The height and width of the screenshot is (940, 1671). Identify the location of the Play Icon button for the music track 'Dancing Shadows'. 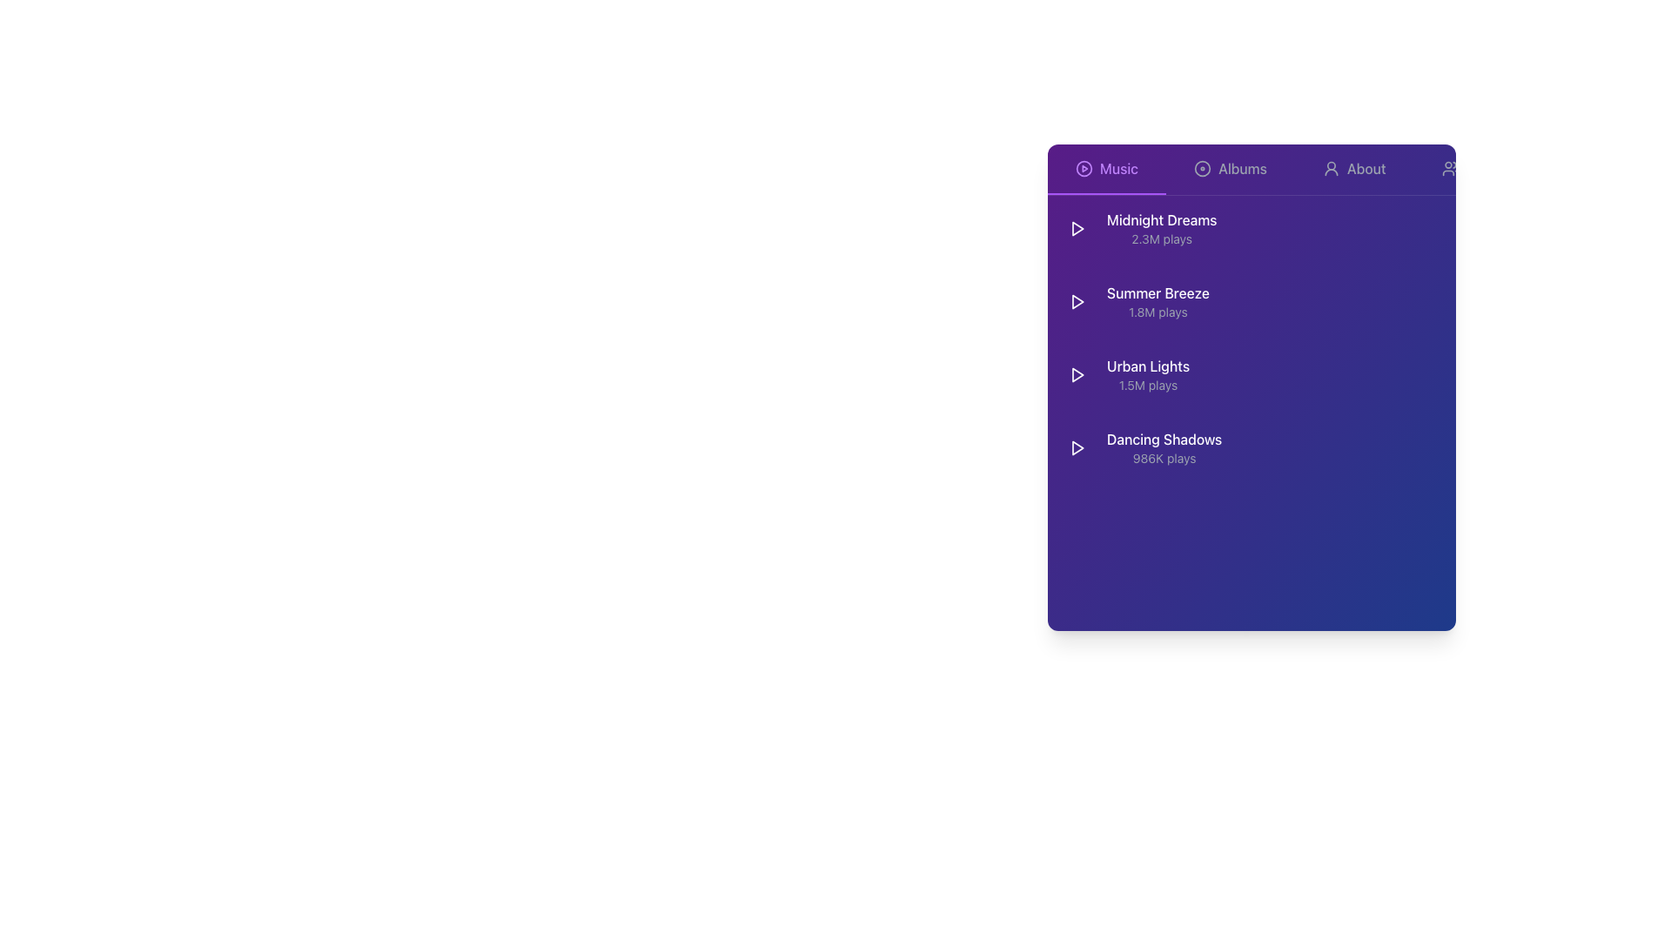
(1077, 447).